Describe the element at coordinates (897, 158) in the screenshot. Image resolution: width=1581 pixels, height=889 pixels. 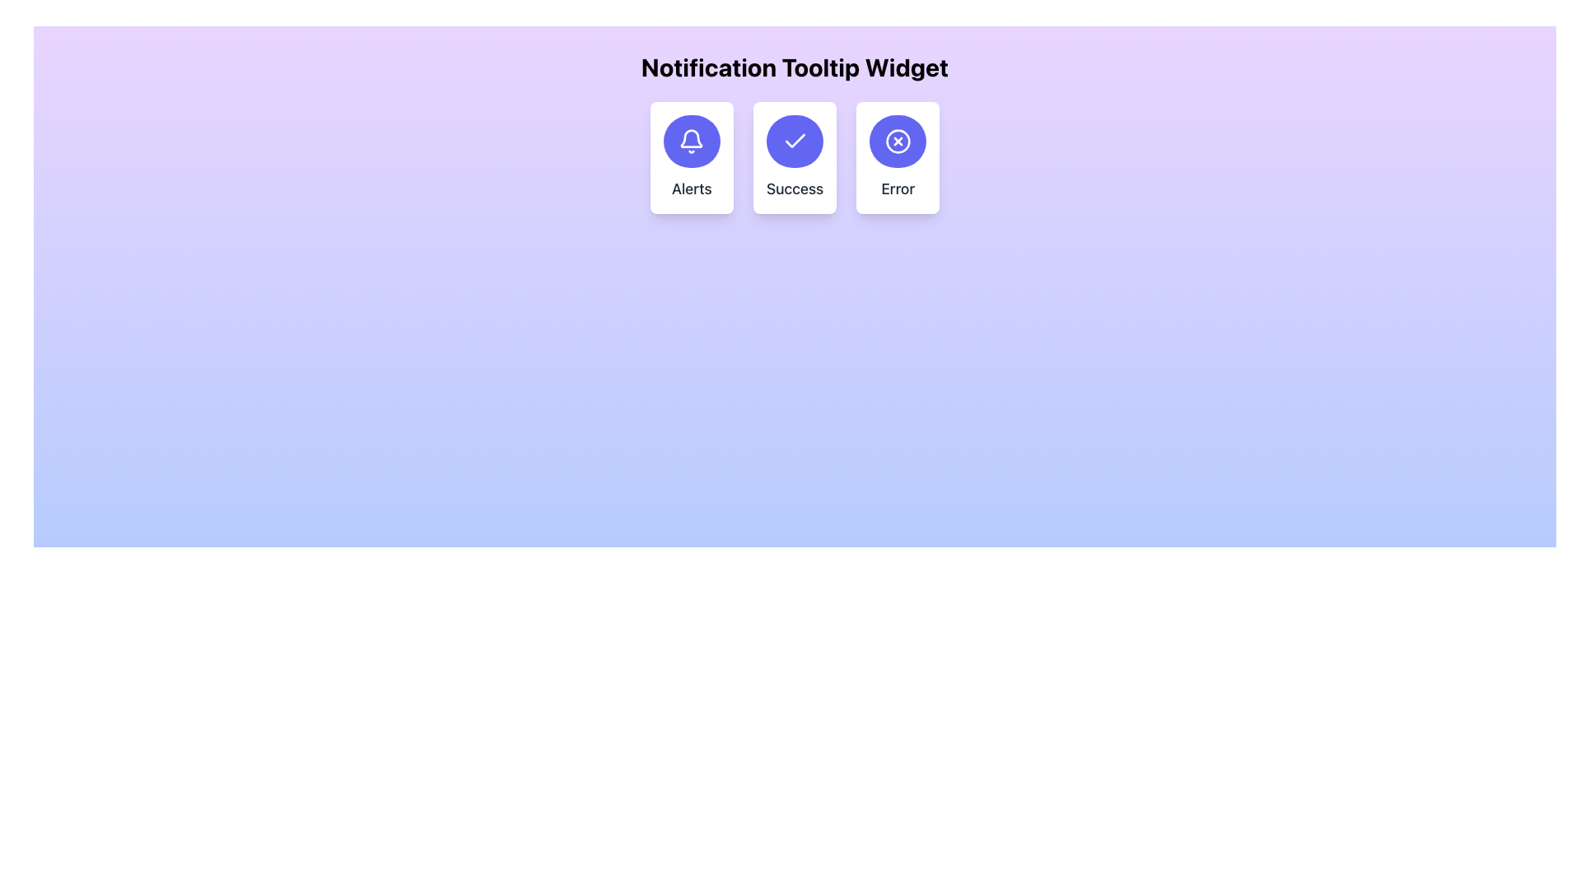
I see `the Card UI component with an indigo circular icon and the label 'Error', which is the rightmost element in a horizontal set of three cards` at that location.